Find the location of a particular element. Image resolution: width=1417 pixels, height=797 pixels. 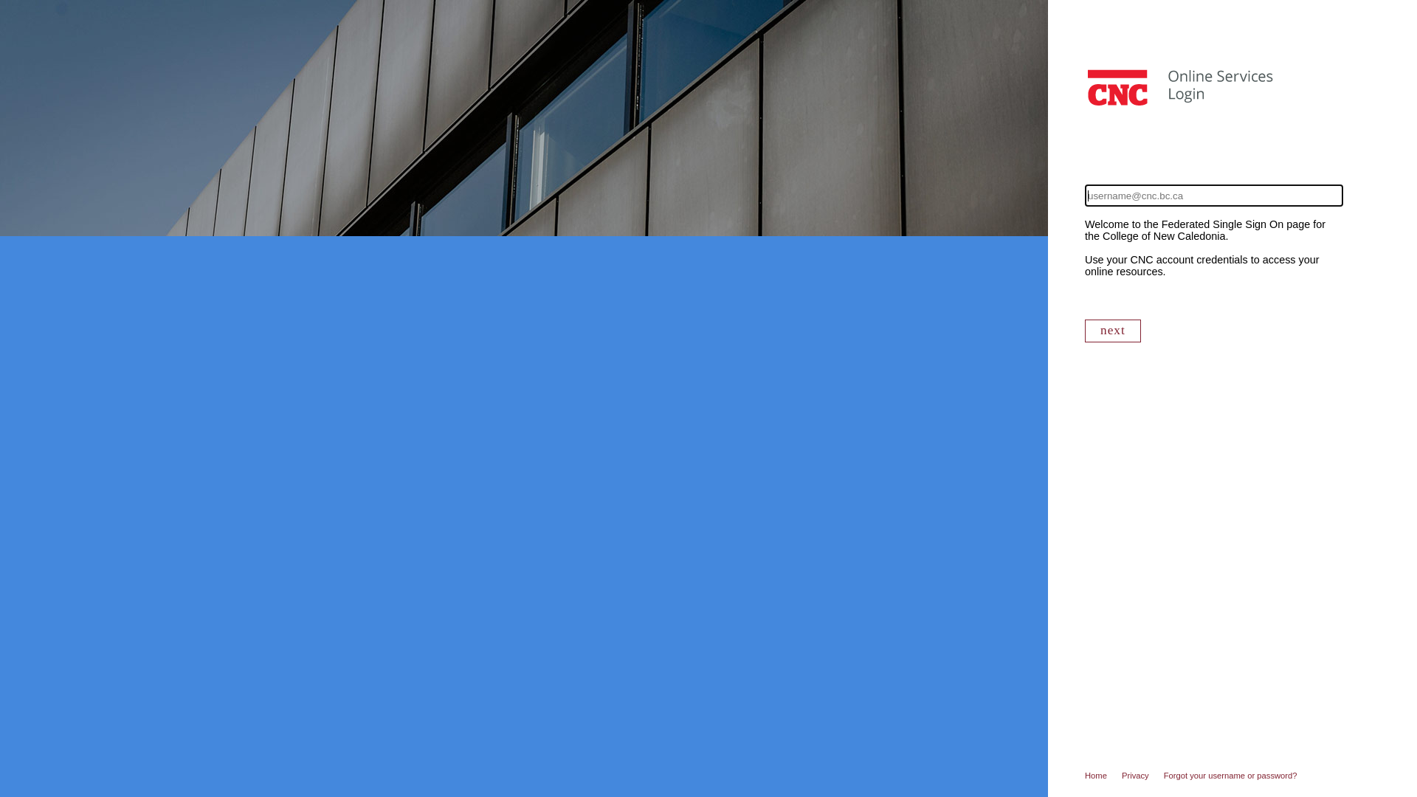

'Privacy' is located at coordinates (1142, 774).